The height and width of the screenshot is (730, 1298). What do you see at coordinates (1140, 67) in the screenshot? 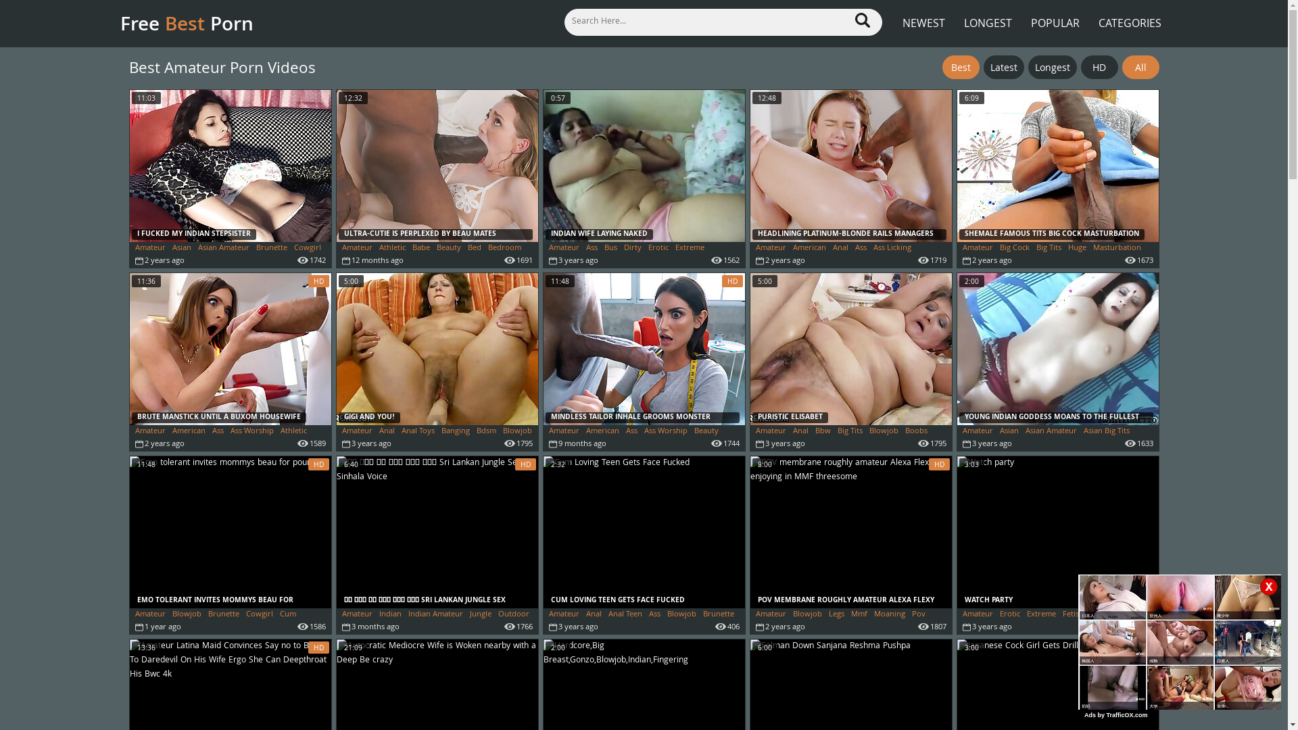
I see `'All'` at bounding box center [1140, 67].